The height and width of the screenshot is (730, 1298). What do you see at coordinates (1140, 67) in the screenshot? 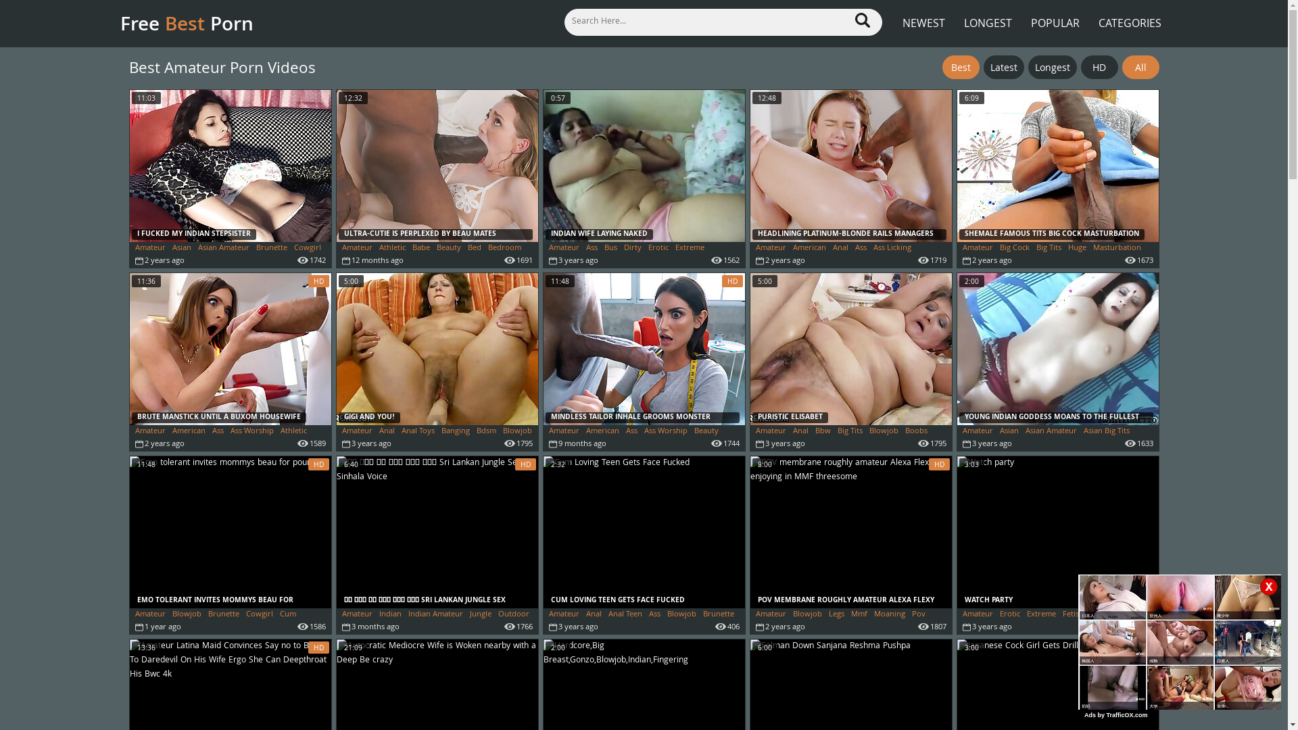
I see `'All'` at bounding box center [1140, 67].